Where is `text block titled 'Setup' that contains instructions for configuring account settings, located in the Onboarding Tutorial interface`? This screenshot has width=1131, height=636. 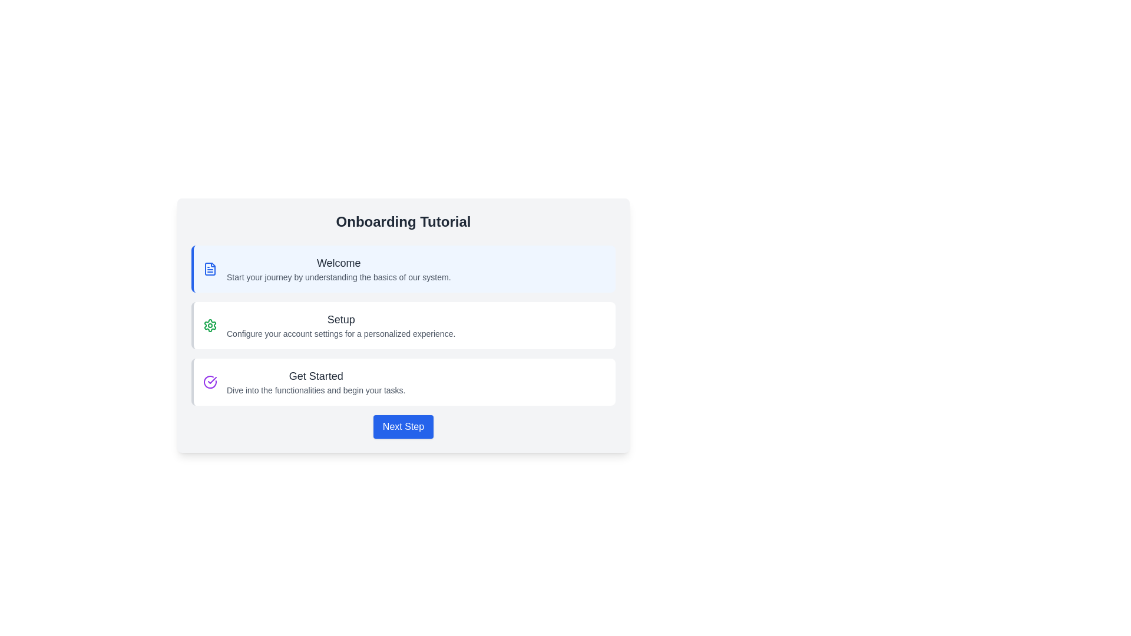 text block titled 'Setup' that contains instructions for configuring account settings, located in the Onboarding Tutorial interface is located at coordinates (340, 325).